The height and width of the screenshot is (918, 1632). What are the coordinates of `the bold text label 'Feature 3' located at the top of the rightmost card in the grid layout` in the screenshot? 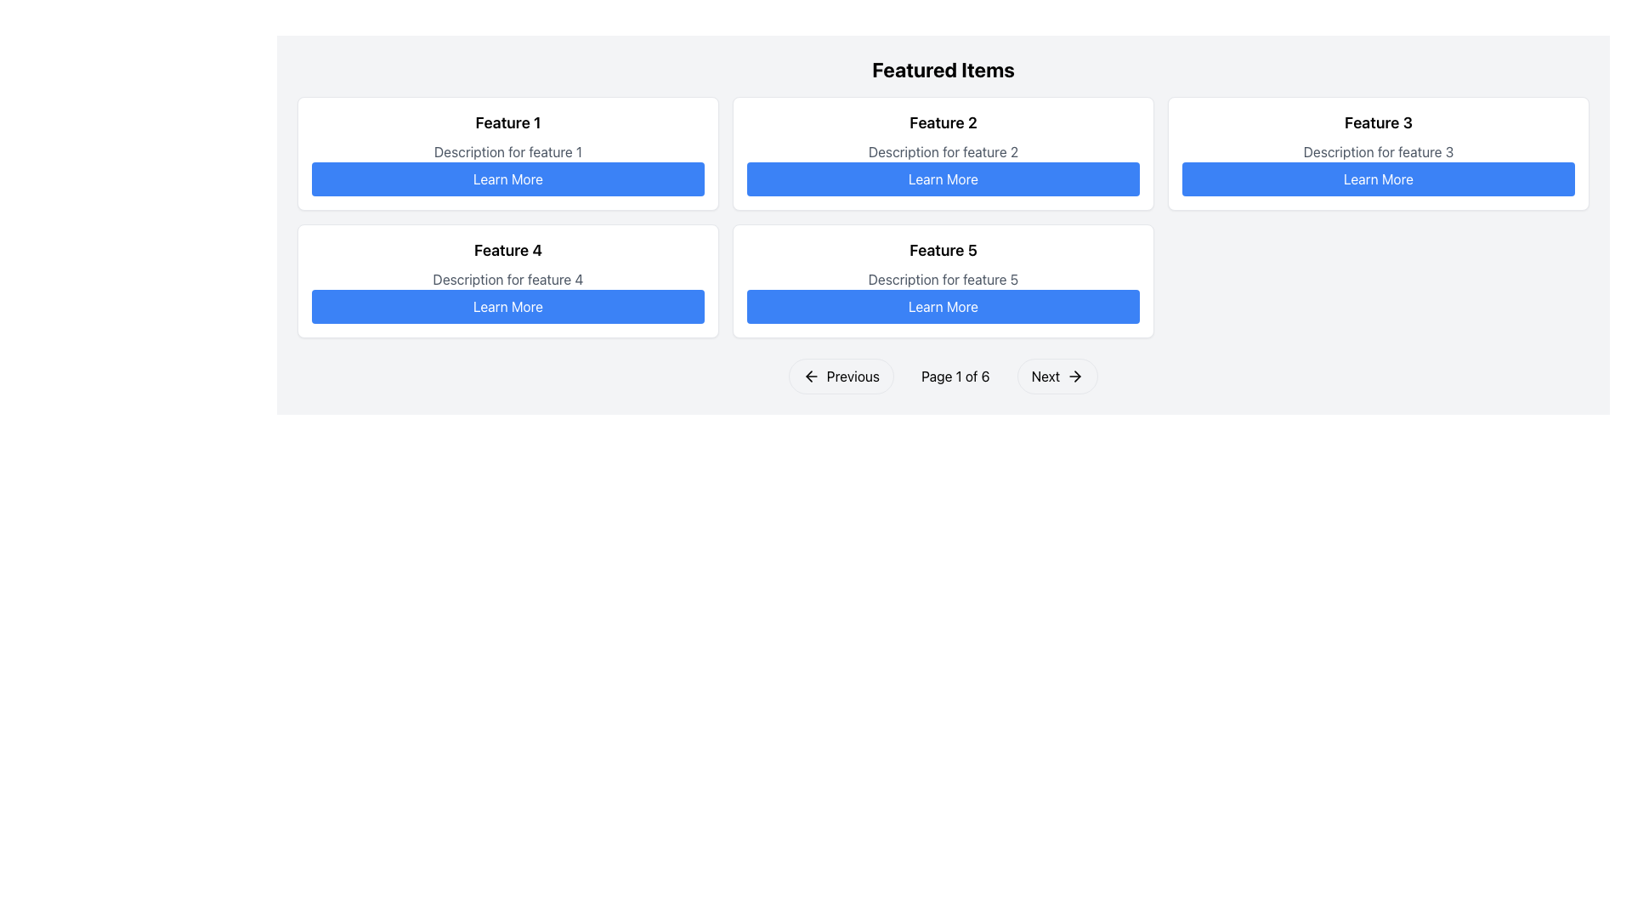 It's located at (1379, 122).